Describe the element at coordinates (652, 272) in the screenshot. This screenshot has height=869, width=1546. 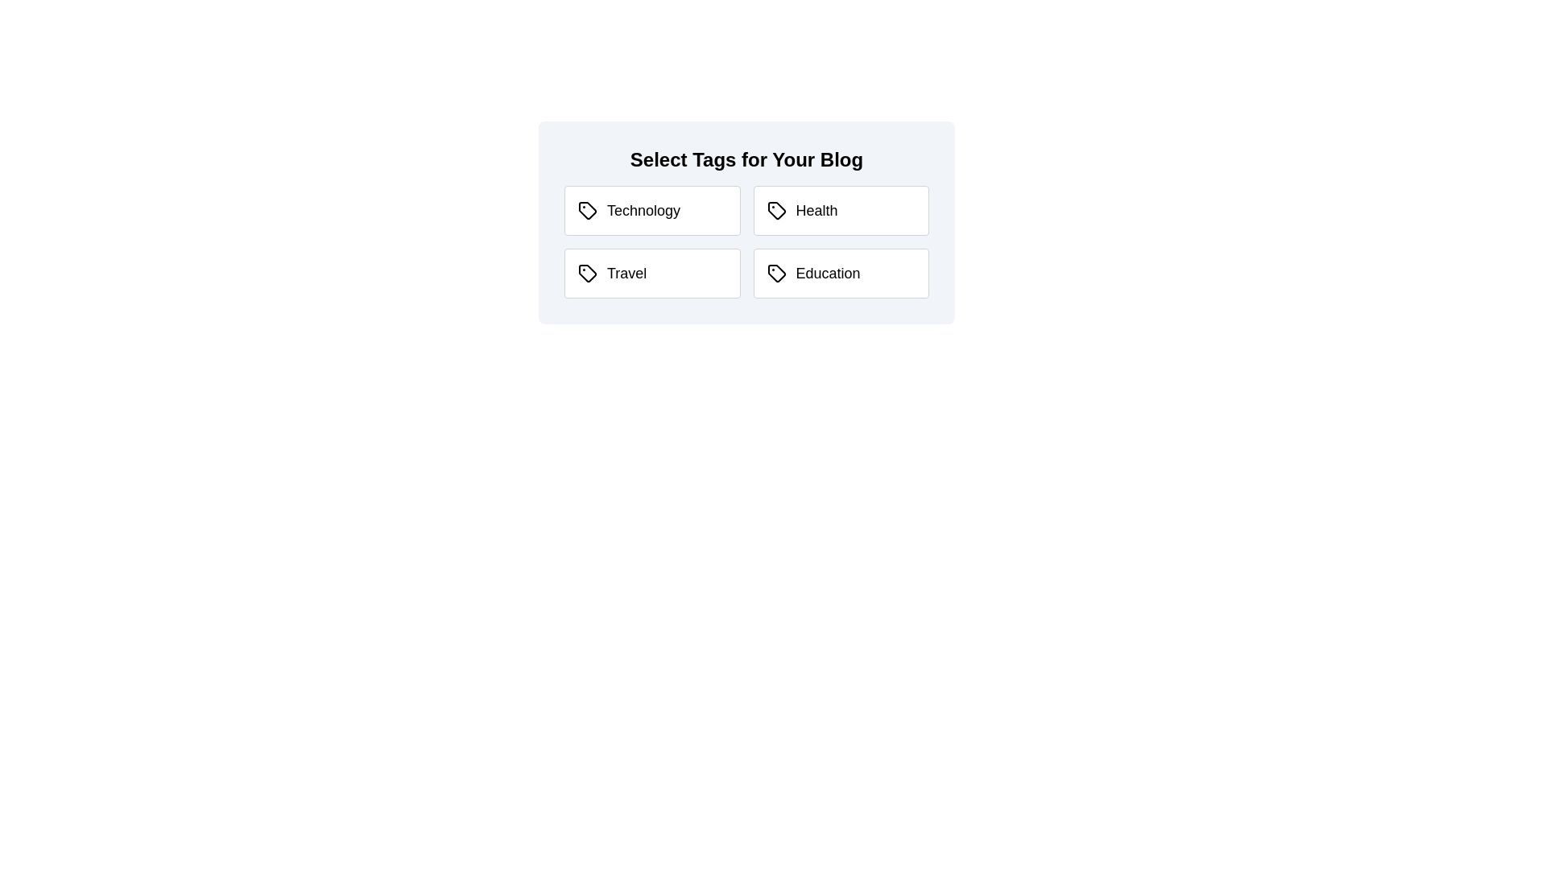
I see `the tag Travel to toggle its selection state` at that location.